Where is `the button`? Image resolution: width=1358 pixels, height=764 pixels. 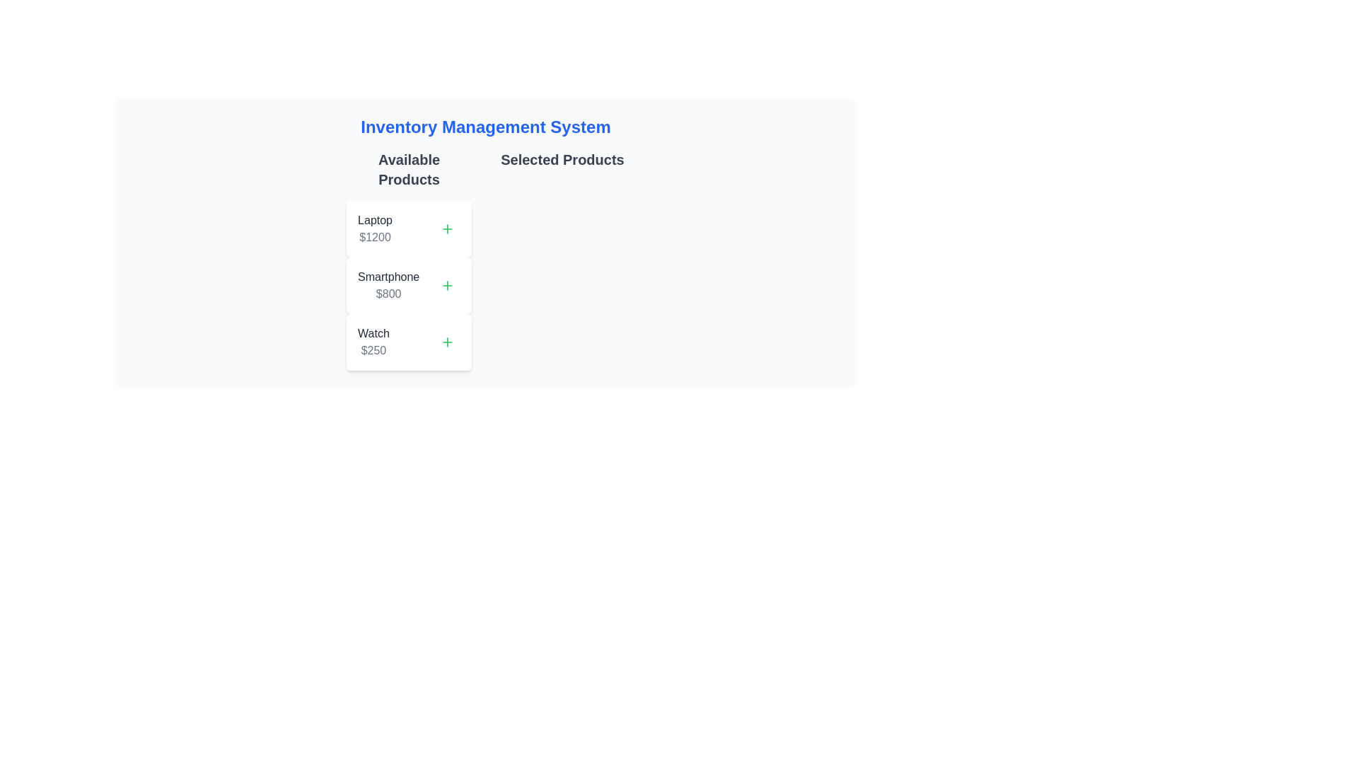
the button is located at coordinates (447, 342).